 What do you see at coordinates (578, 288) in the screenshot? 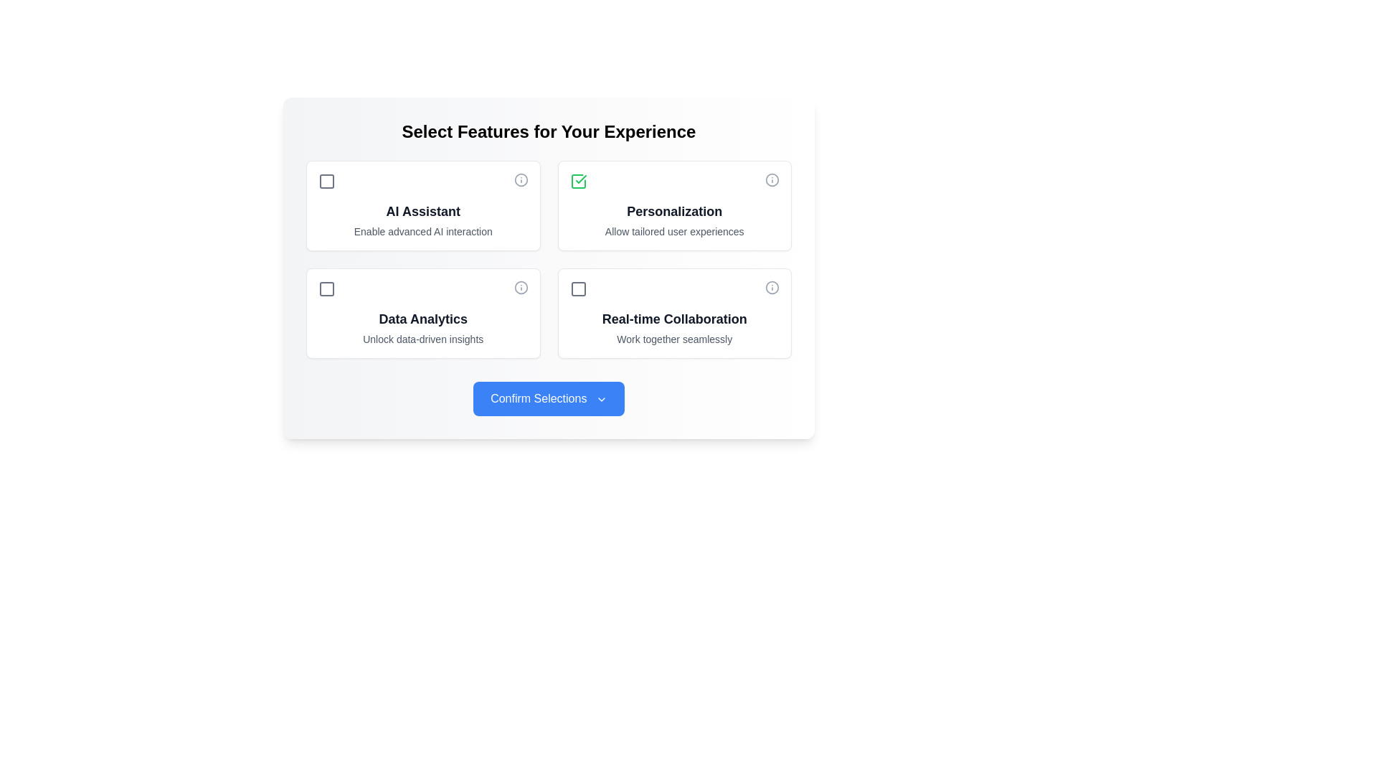
I see `the checkbox` at bounding box center [578, 288].